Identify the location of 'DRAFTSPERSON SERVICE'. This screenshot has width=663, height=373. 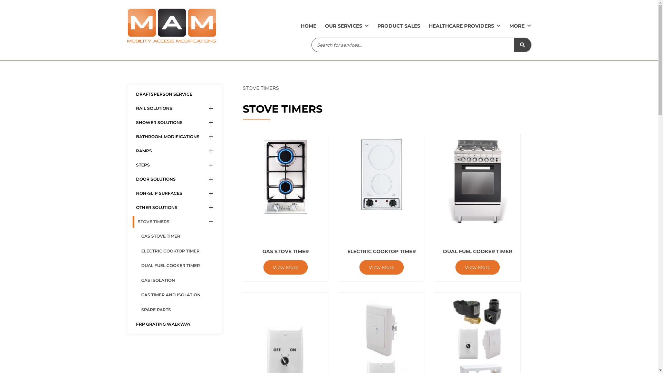
(174, 94).